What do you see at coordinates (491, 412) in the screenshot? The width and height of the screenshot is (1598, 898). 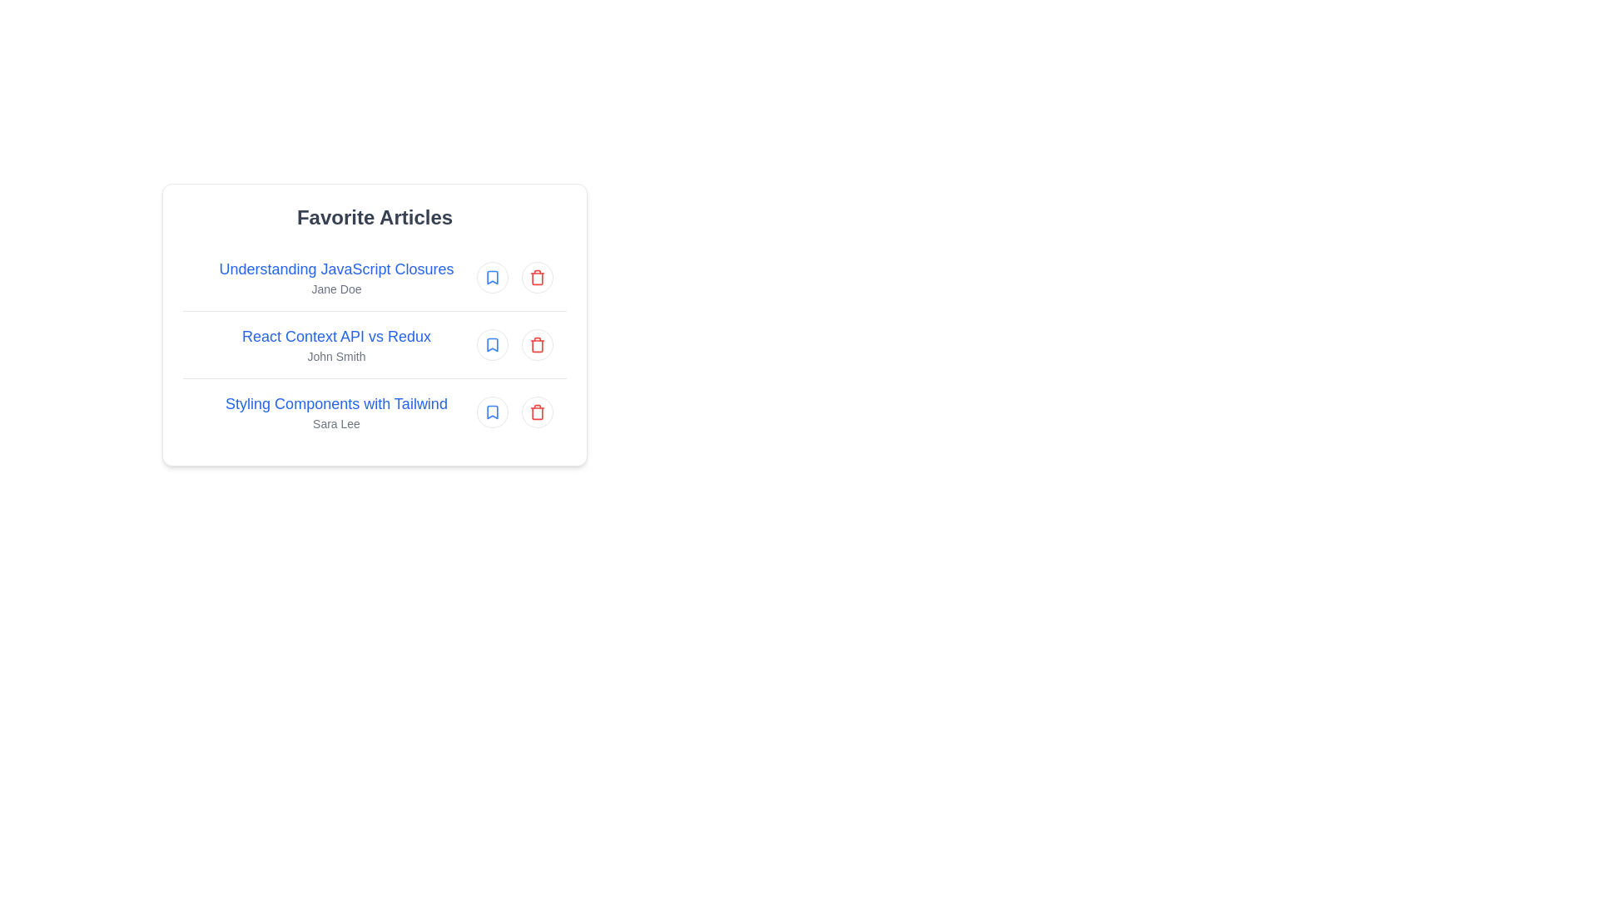 I see `the Bookmark icon for the article titled 'Styling Components with Tailwind'` at bounding box center [491, 412].